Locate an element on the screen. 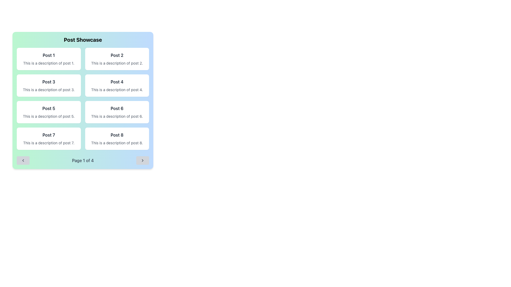 This screenshot has width=511, height=287. the Card element that represents a single post, located in the first row and first column of the grid layout is located at coordinates (49, 59).